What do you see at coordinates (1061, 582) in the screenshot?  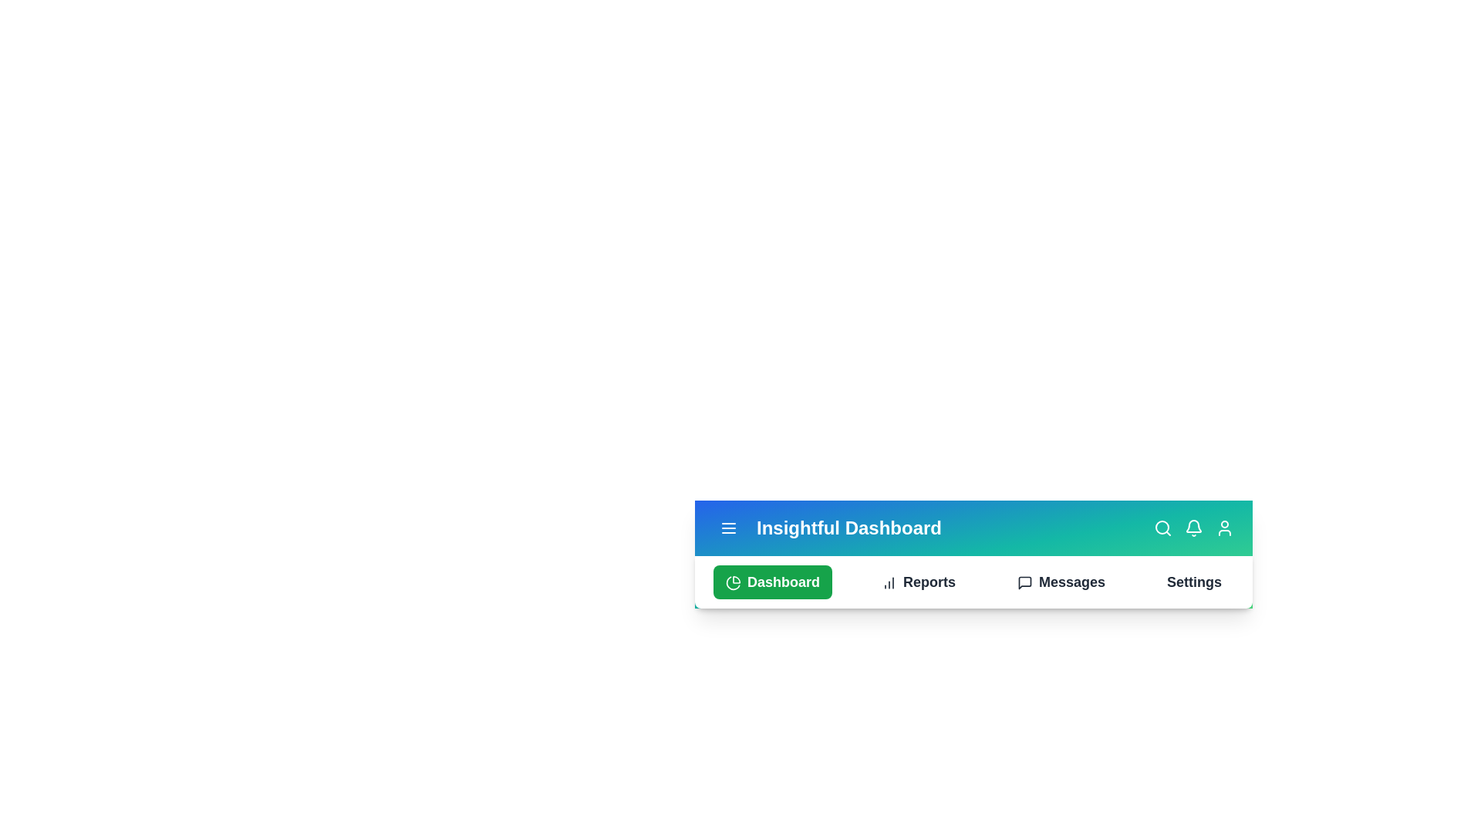 I see `the navigation option Messages` at bounding box center [1061, 582].